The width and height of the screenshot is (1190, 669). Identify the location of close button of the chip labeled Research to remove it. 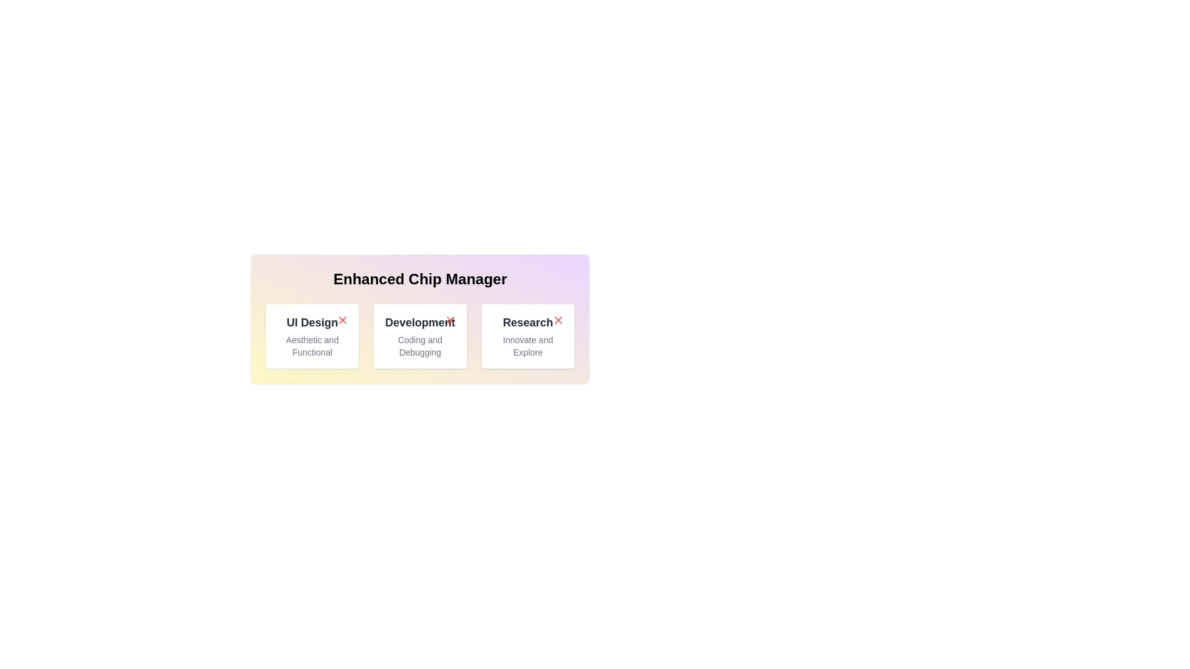
(558, 319).